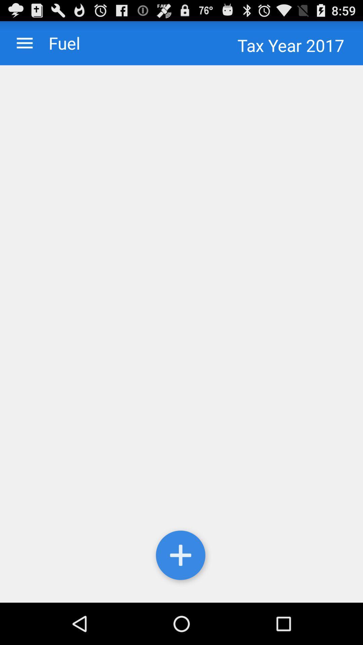  Describe the element at coordinates (182, 596) in the screenshot. I see `the add icon` at that location.